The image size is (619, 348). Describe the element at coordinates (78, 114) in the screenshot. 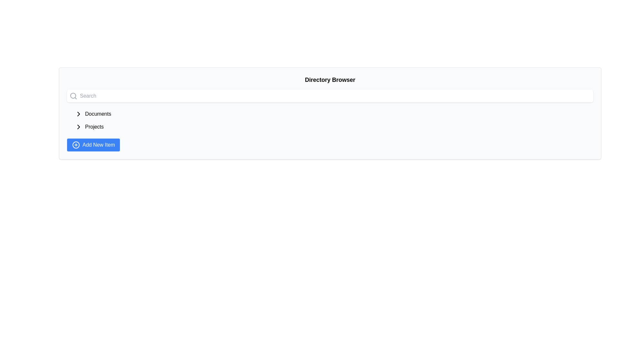

I see `the right-pointing chevron icon button` at that location.